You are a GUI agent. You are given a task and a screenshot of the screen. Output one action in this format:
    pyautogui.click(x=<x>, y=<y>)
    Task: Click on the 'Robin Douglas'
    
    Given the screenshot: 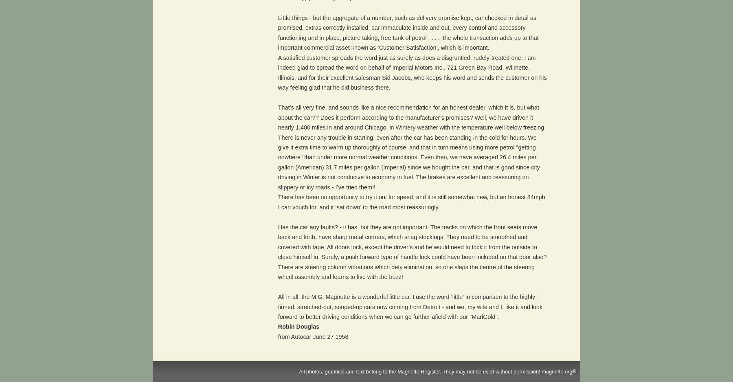 What is the action you would take?
    pyautogui.click(x=298, y=326)
    